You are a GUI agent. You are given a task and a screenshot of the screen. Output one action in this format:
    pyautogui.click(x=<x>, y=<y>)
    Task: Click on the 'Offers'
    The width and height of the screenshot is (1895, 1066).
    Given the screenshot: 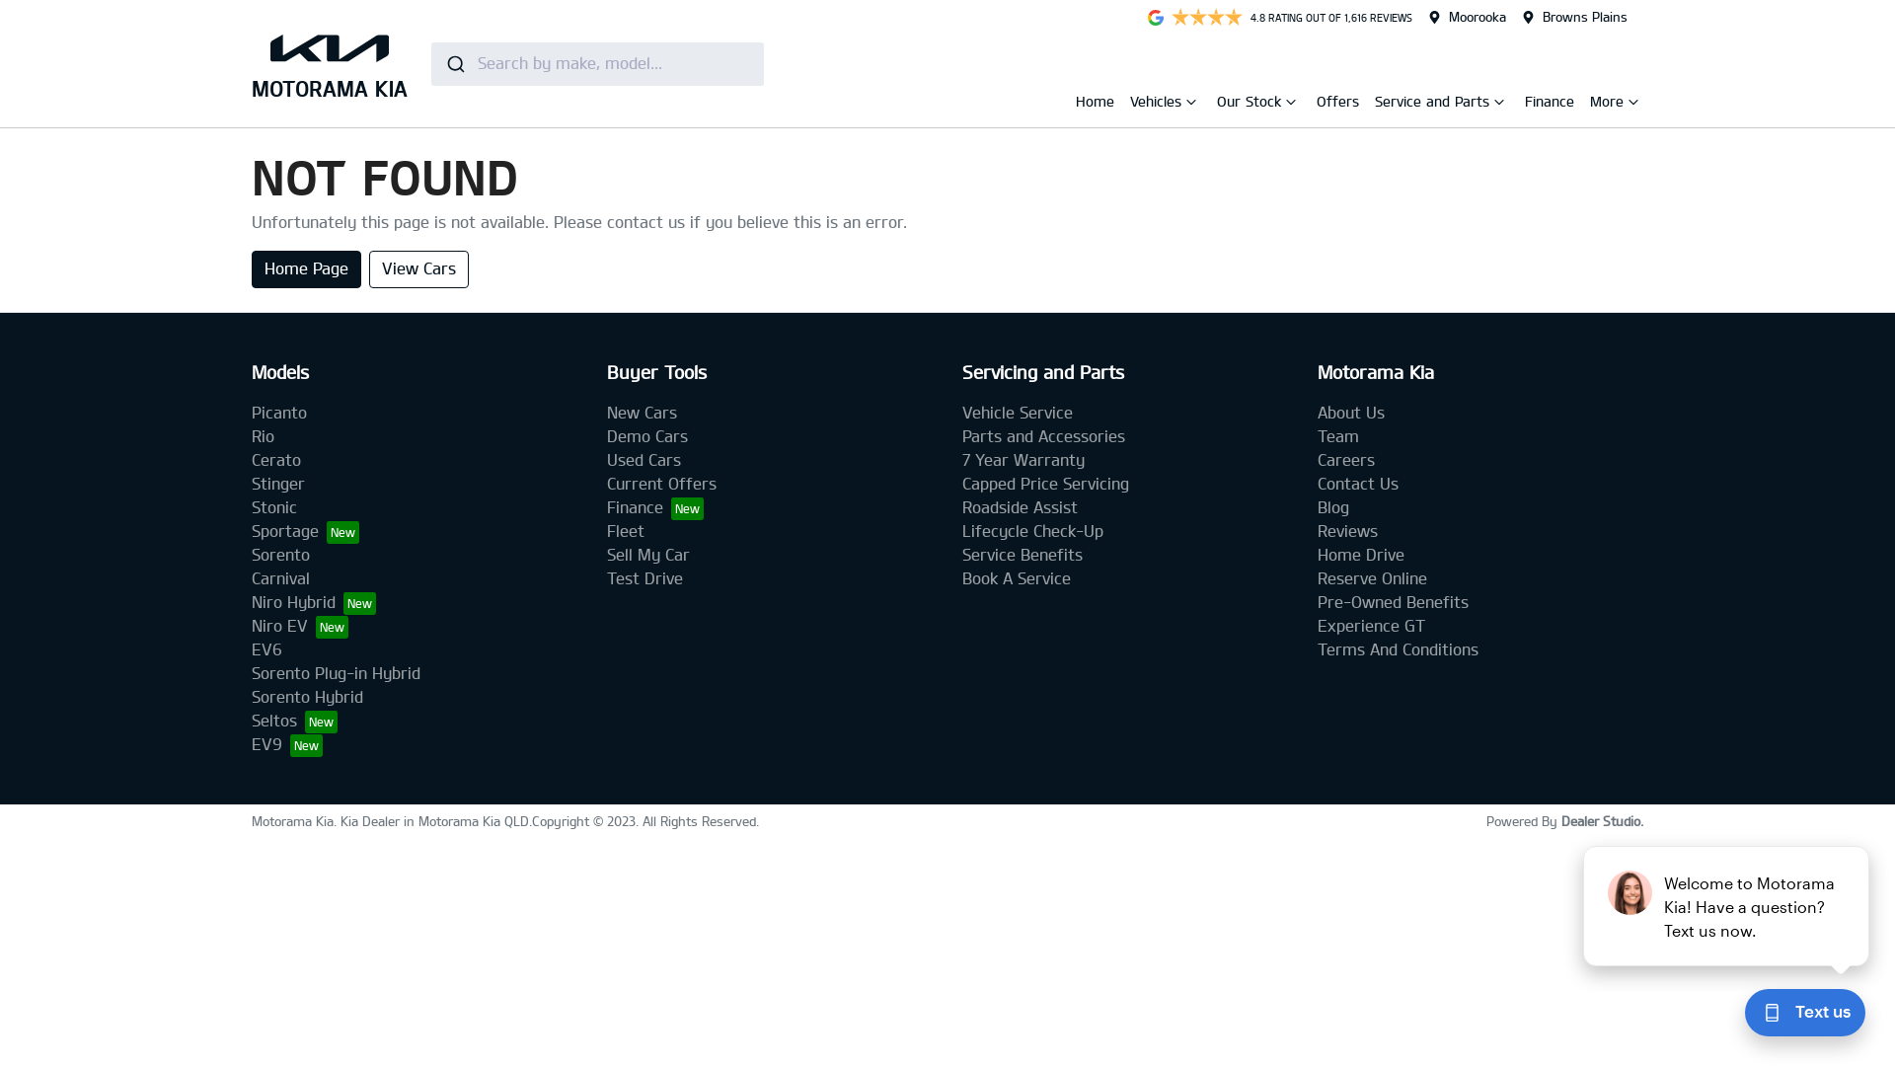 What is the action you would take?
    pyautogui.click(x=1337, y=101)
    